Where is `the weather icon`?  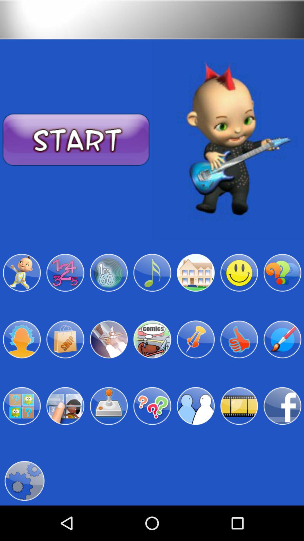
the weather icon is located at coordinates (109, 434).